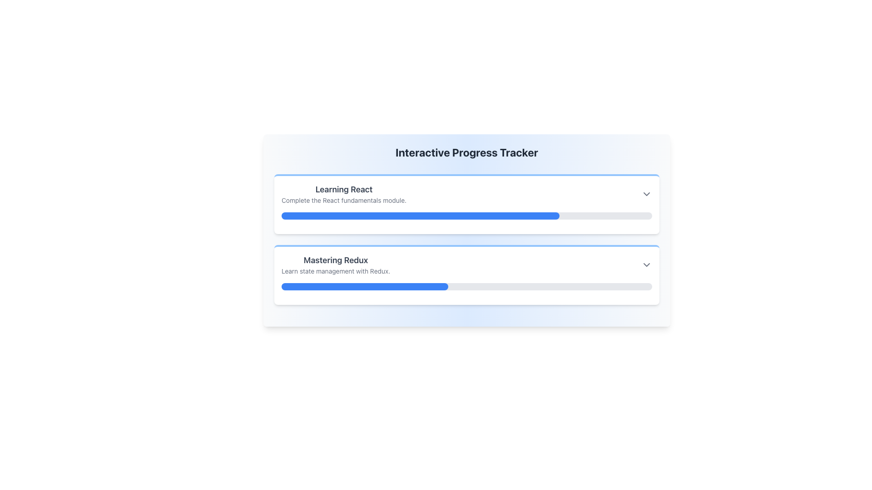  What do you see at coordinates (466, 216) in the screenshot?
I see `the progress bar representing a 75% completion status of the React fundamentals module, located at the bottom of the card titled 'Learning React'` at bounding box center [466, 216].